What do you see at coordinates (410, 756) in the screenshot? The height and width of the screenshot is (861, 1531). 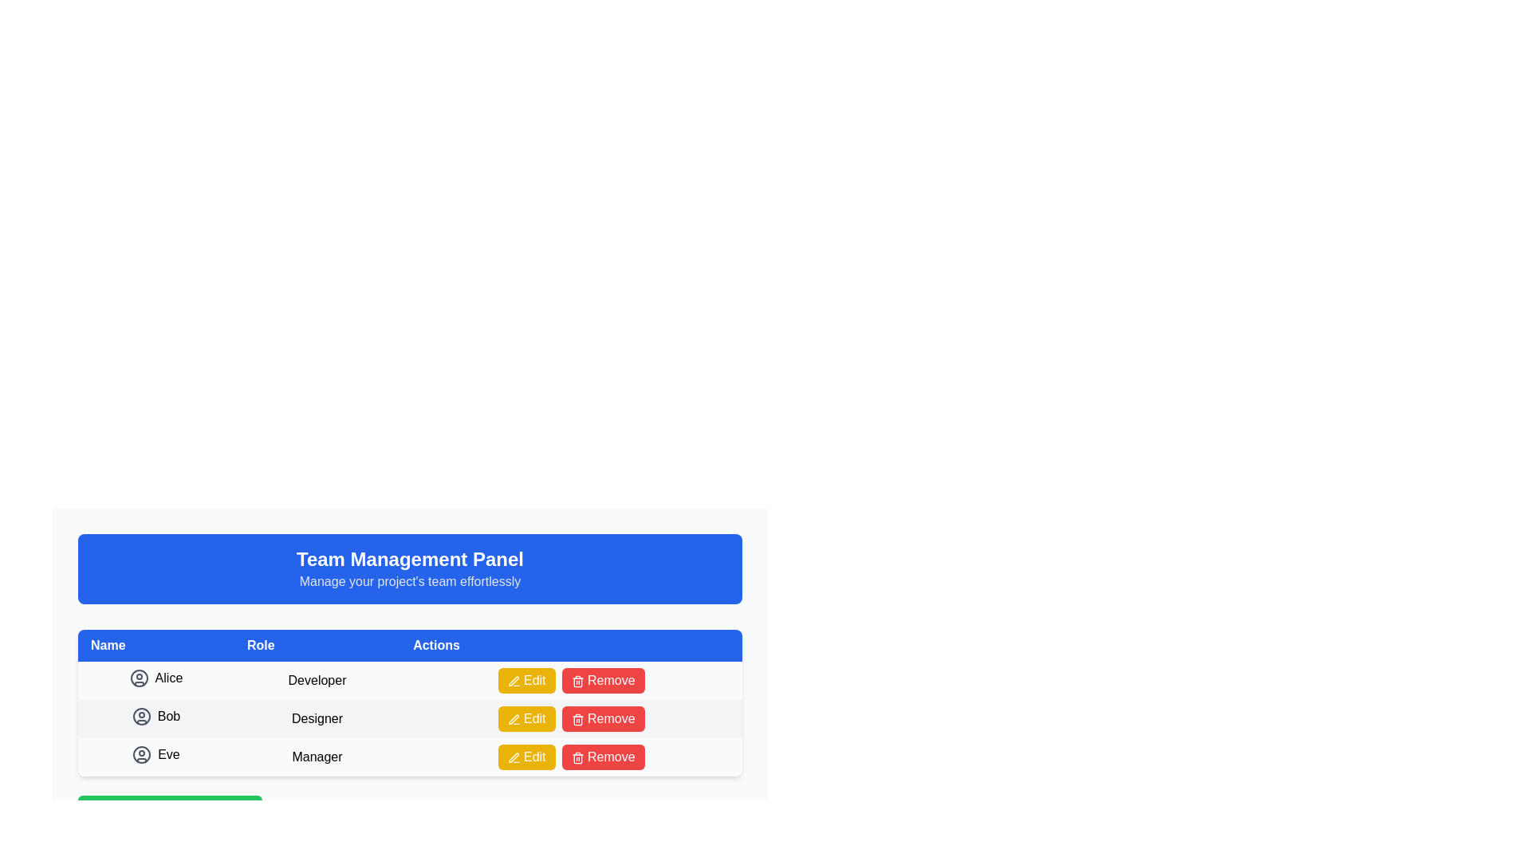 I see `the Edit button located in the third row of the team management panel, which presents a member's details, to modify the member's information` at bounding box center [410, 756].